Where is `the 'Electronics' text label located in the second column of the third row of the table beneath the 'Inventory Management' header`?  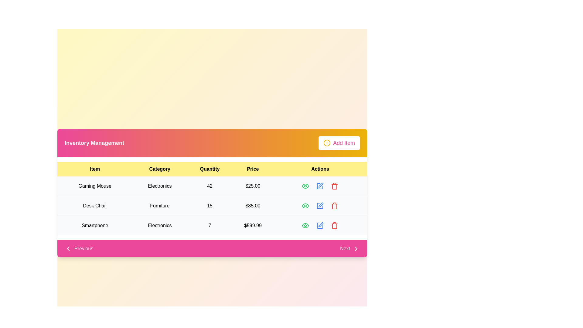 the 'Electronics' text label located in the second column of the third row of the table beneath the 'Inventory Management' header is located at coordinates (160, 225).